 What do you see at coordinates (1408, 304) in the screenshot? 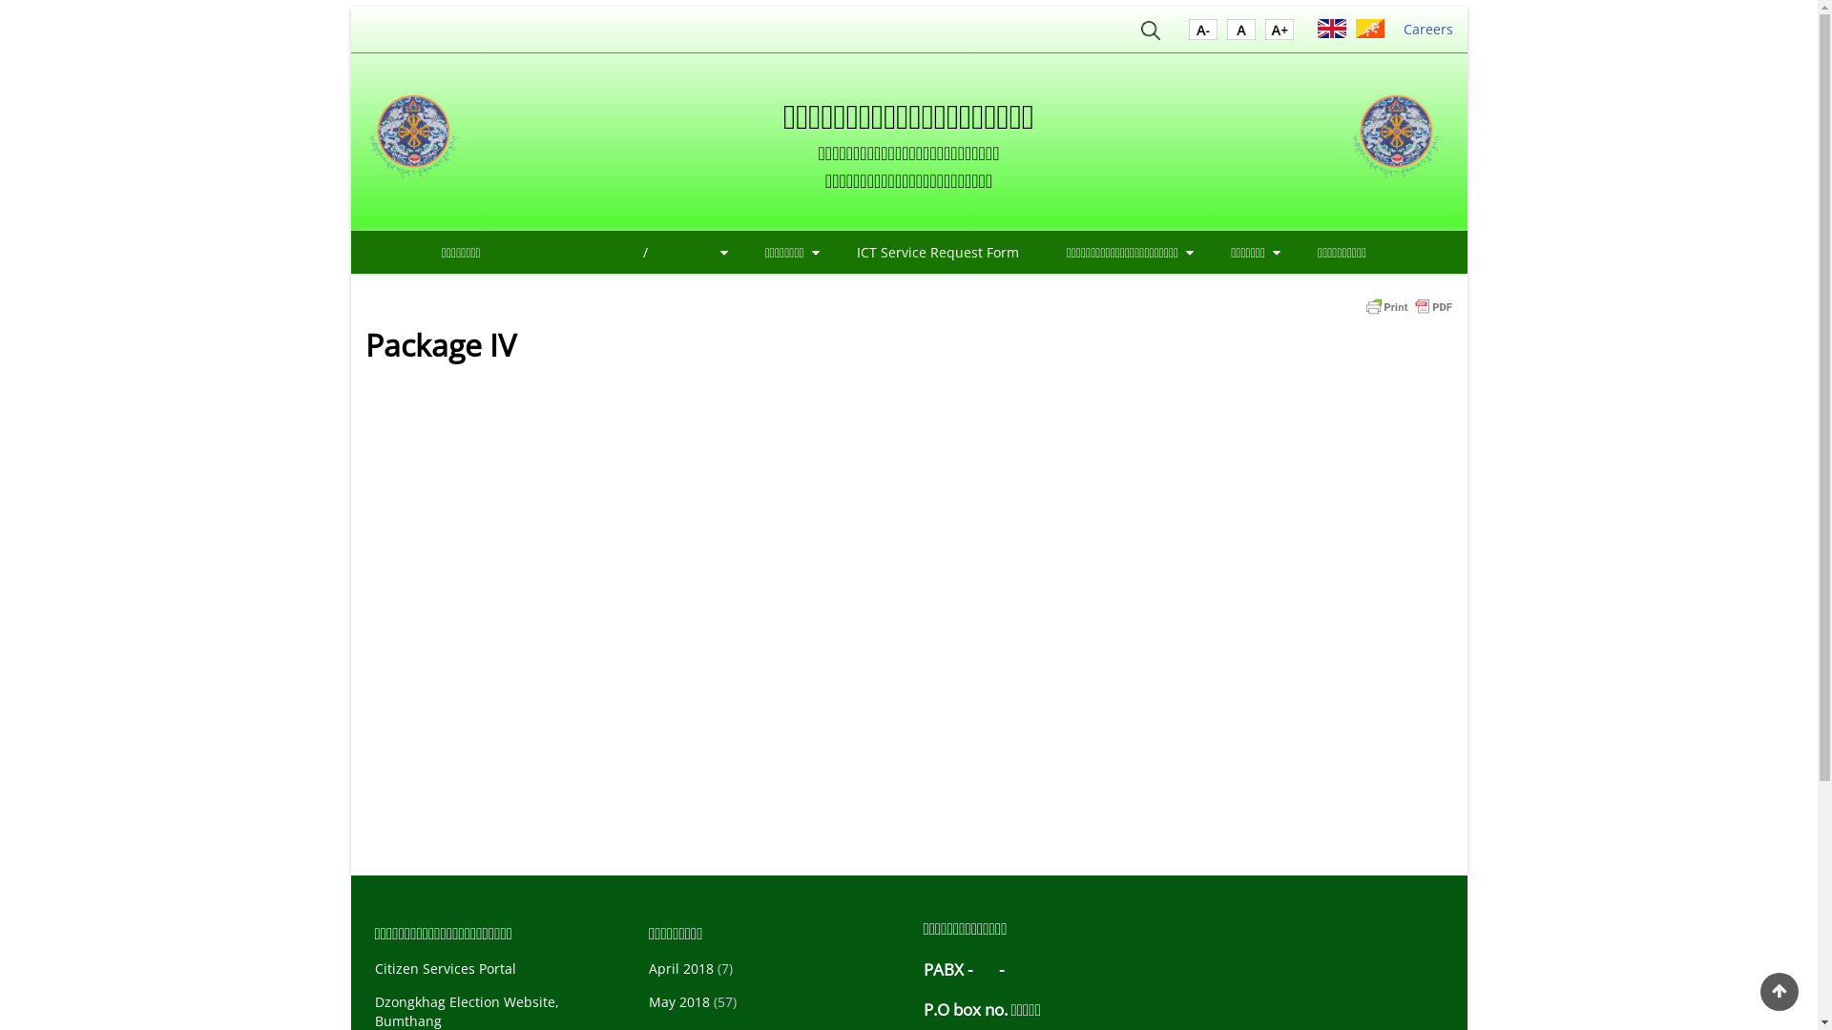
I see `'Printer Friendly, PDF & Email'` at bounding box center [1408, 304].